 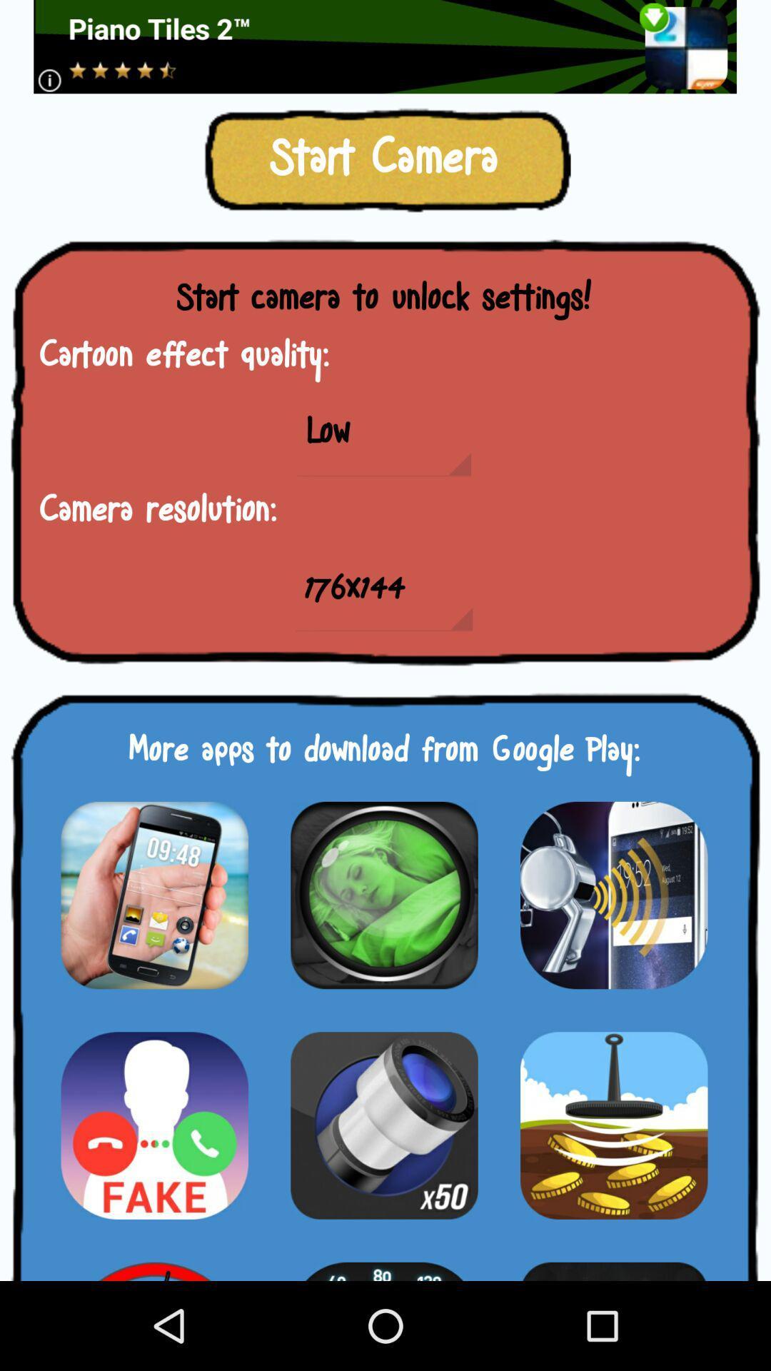 What do you see at coordinates (613, 1125) in the screenshot?
I see `download the app` at bounding box center [613, 1125].